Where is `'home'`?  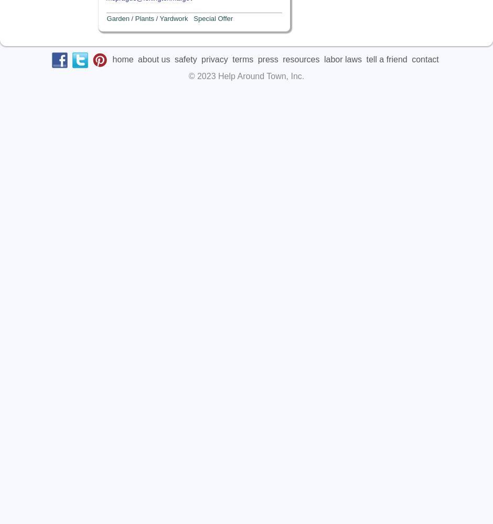 'home' is located at coordinates (112, 58).